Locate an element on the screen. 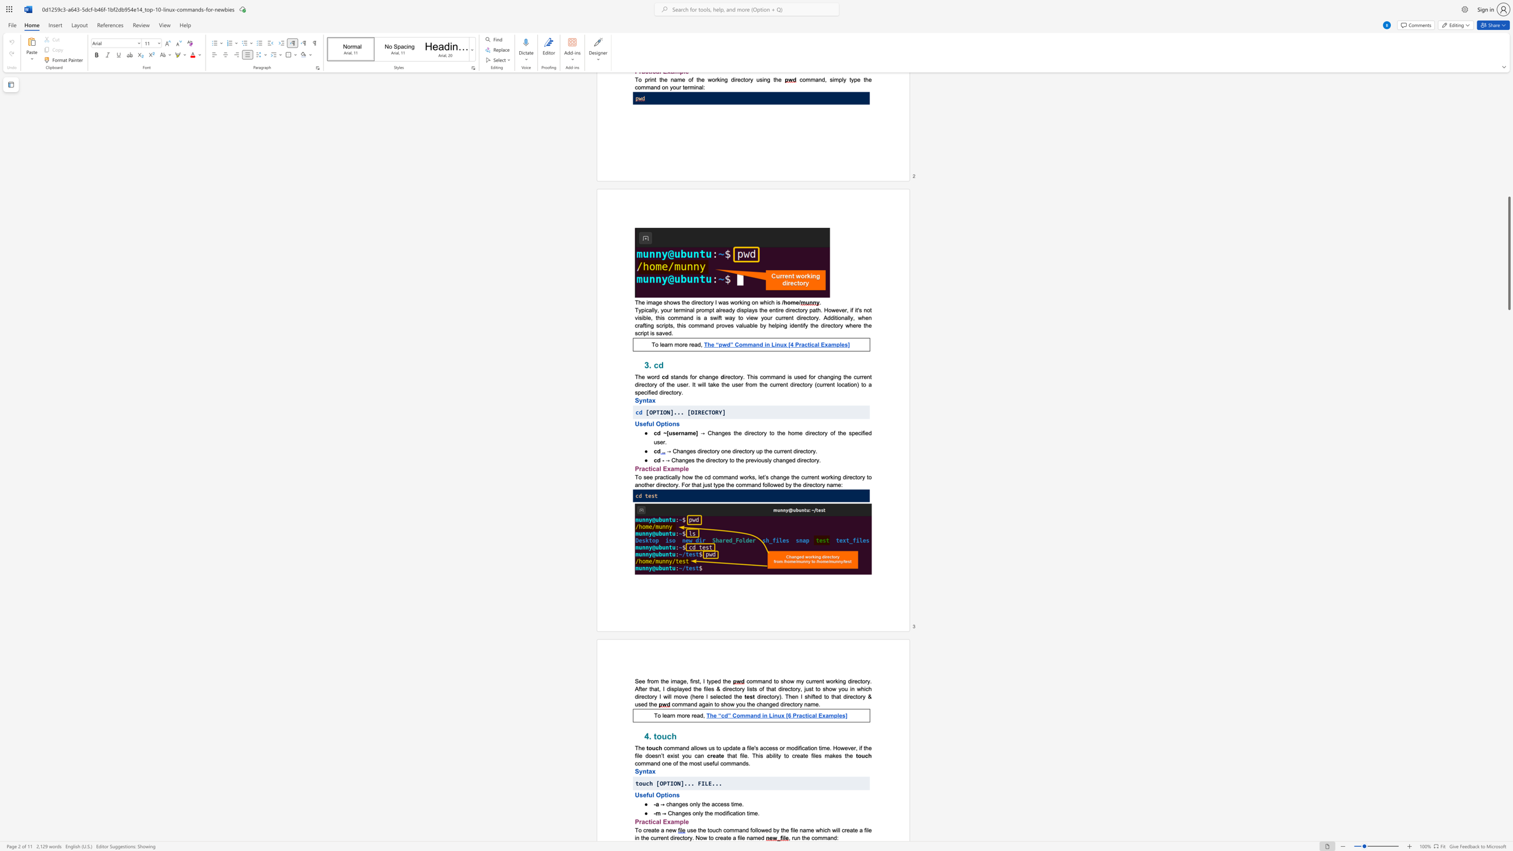 The width and height of the screenshot is (1513, 851). the subset text "he command" within the text ", run the command:" is located at coordinates (802, 837).